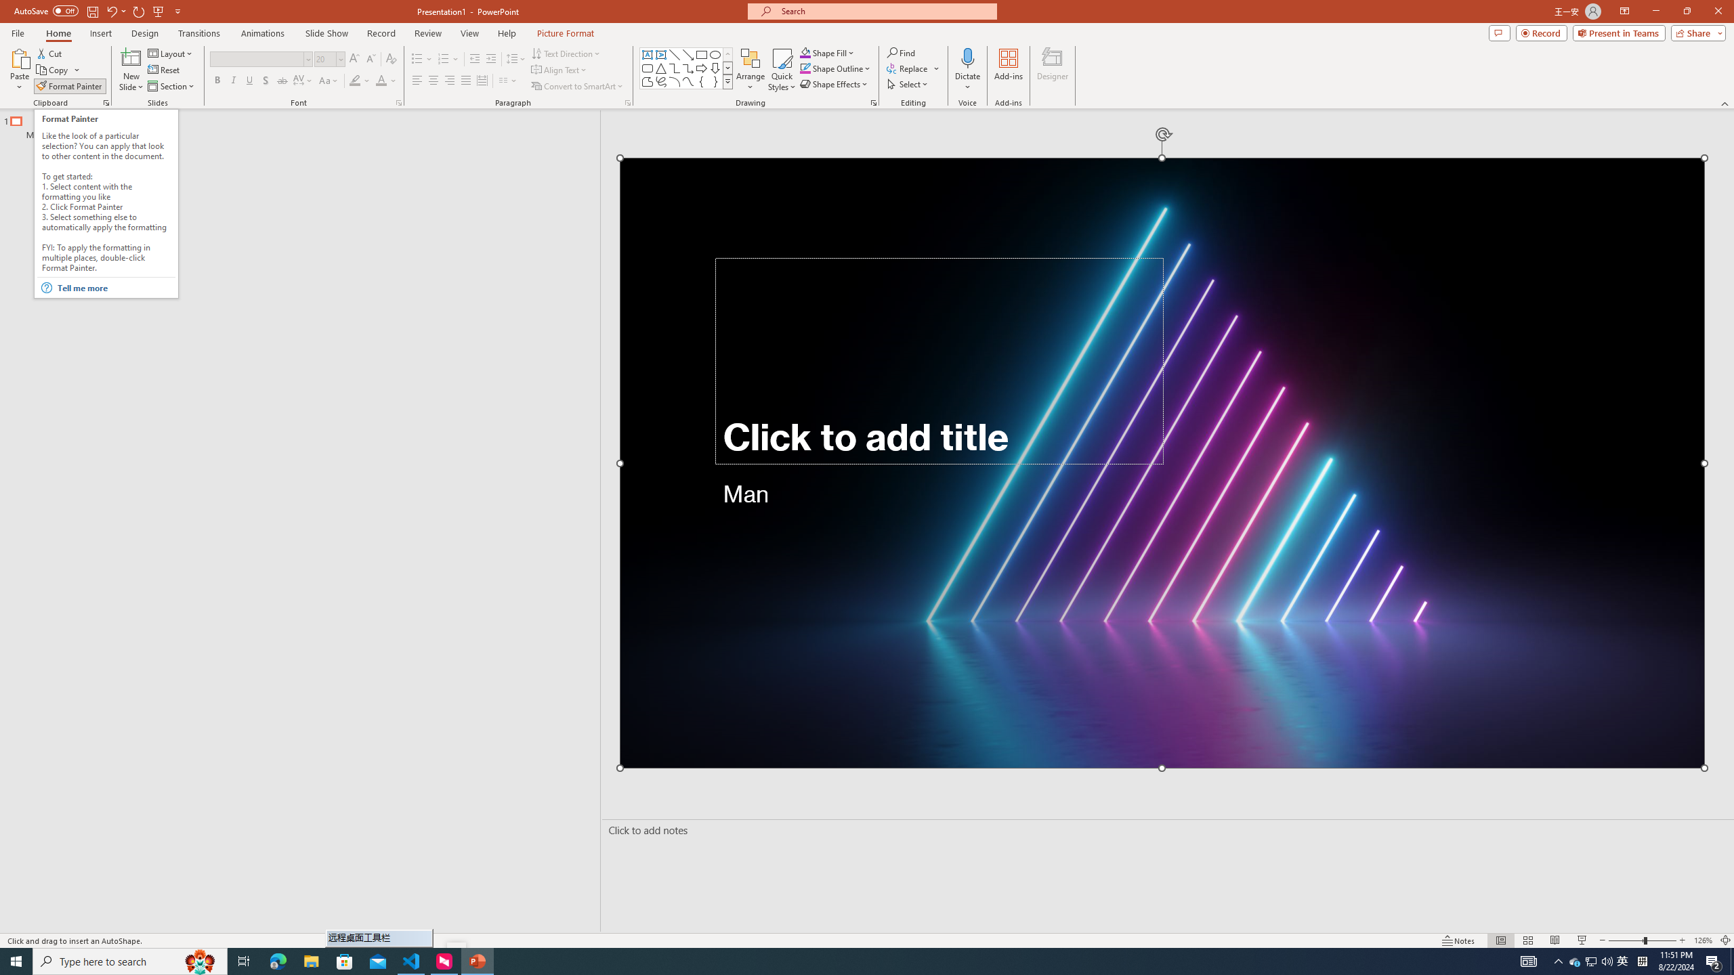 The width and height of the screenshot is (1734, 975). Describe the element at coordinates (805, 52) in the screenshot. I see `'Shape Fill Orange, Accent 2'` at that location.